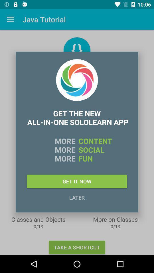 The width and height of the screenshot is (154, 273). Describe the element at coordinates (77, 197) in the screenshot. I see `the icon below the get it now icon` at that location.